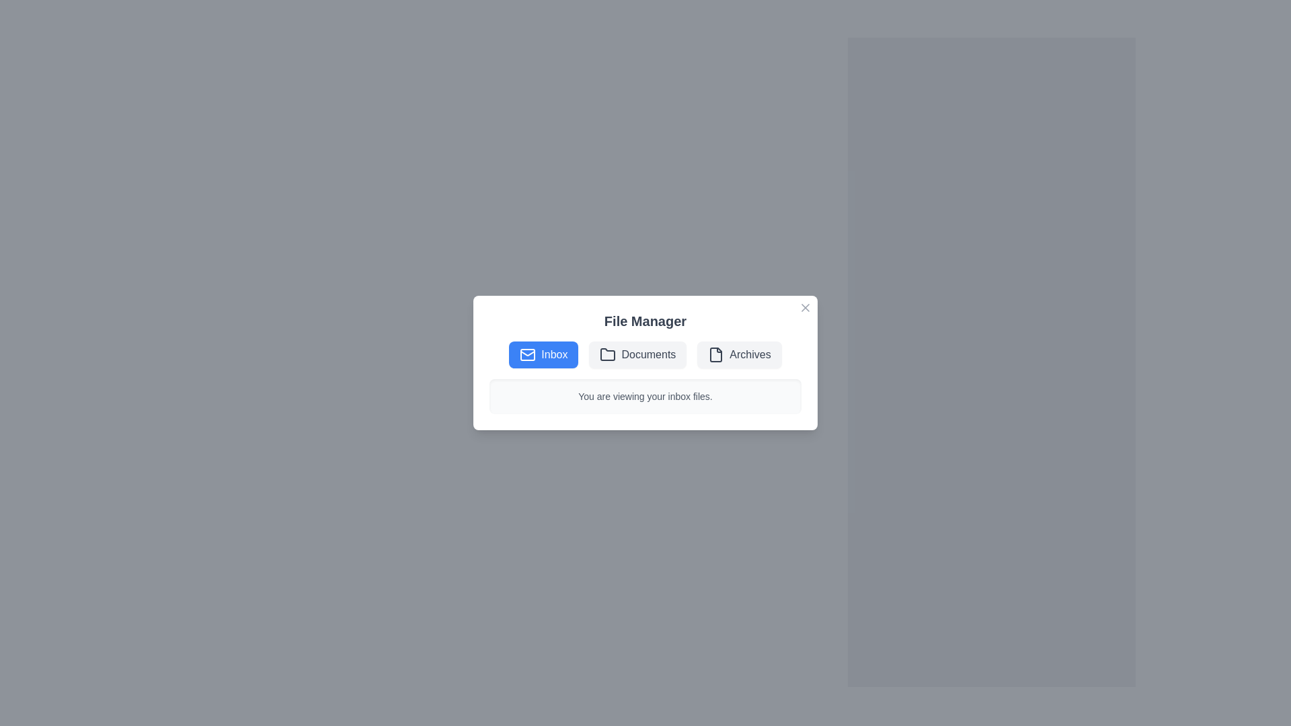 This screenshot has width=1291, height=726. I want to click on informational text label indicating that the user is viewing their inbox files, located at the bottom section of the 'File Manager' dialog box, so click(645, 396).